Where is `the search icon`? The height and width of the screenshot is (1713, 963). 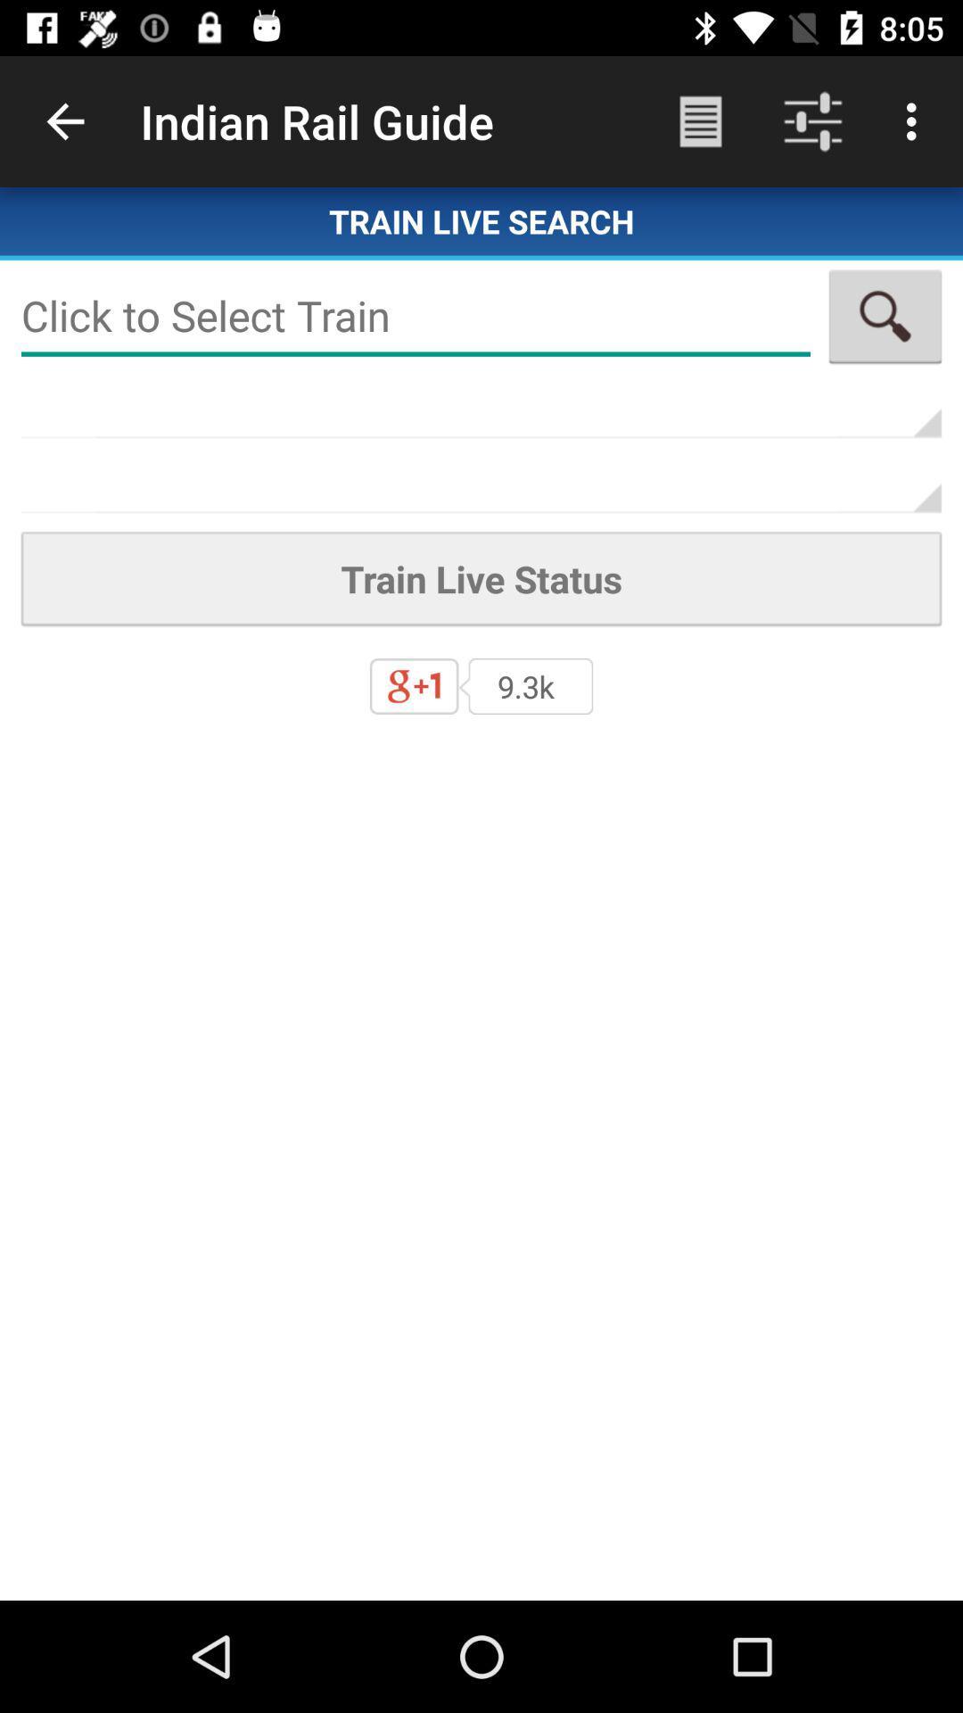 the search icon is located at coordinates (885, 316).